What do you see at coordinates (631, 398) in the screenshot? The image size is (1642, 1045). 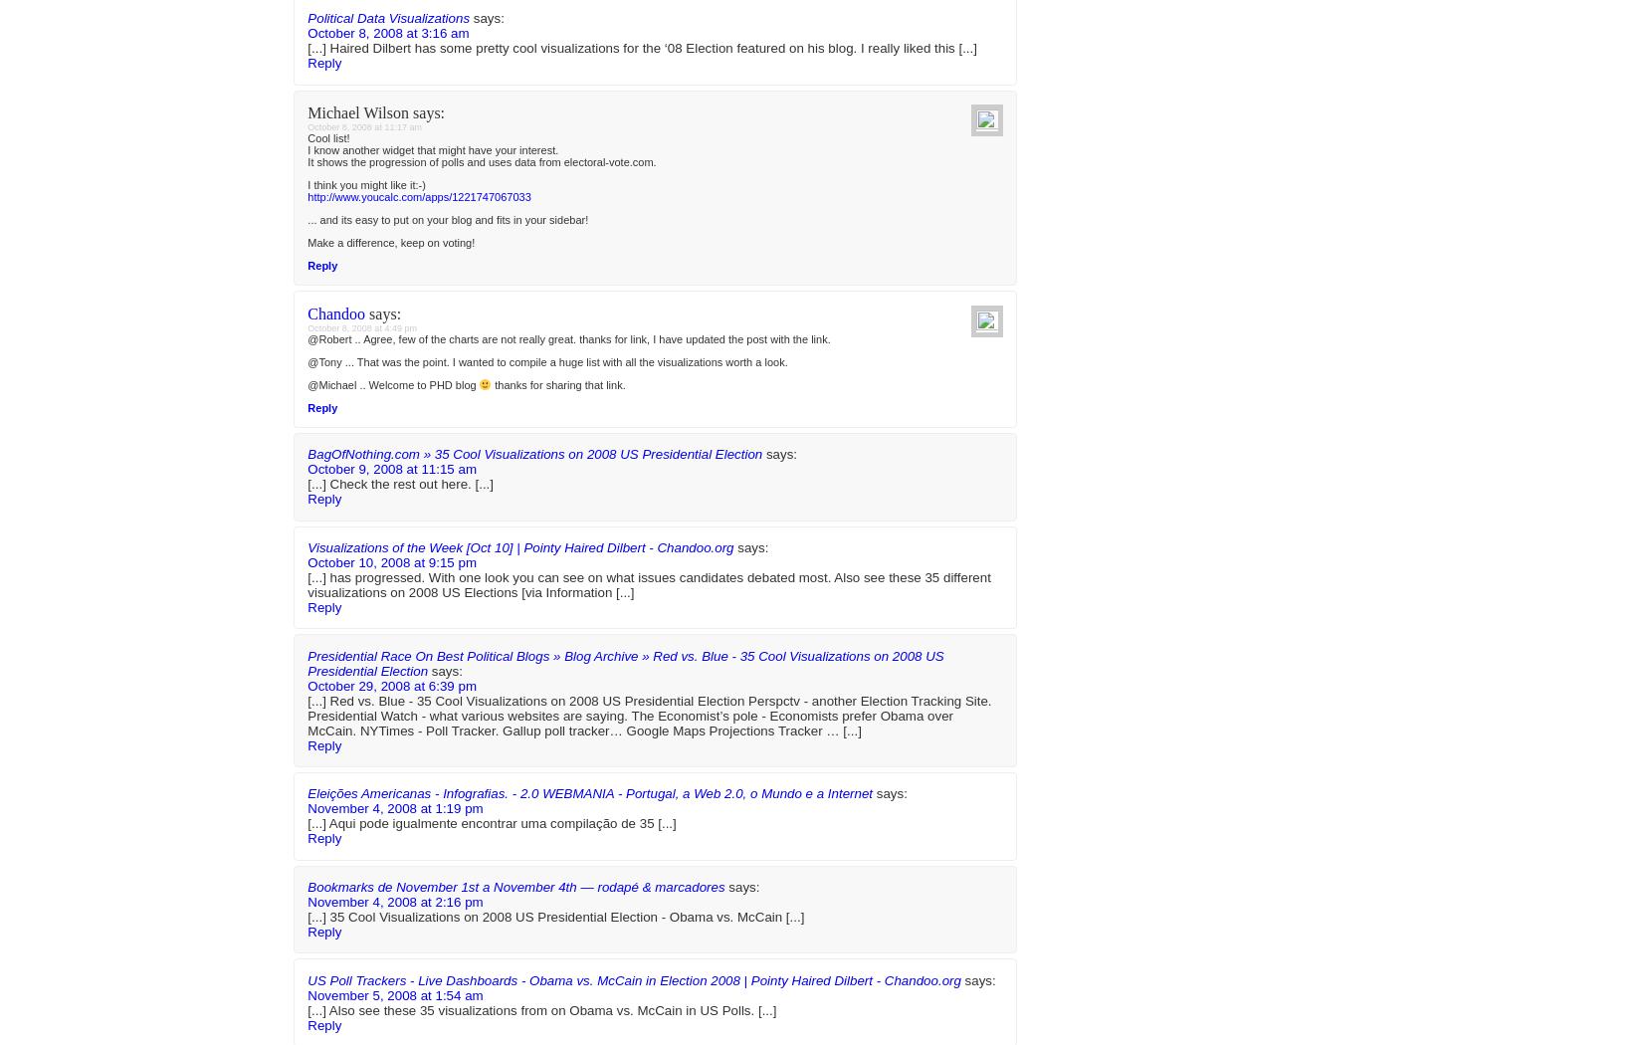 I see `'[...] post by WP-AutoBlog Import   var AdBrite_Title_Color = '0000FF'; var AdBrite_Text_Color = '000000'; var [...]'` at bounding box center [631, 398].